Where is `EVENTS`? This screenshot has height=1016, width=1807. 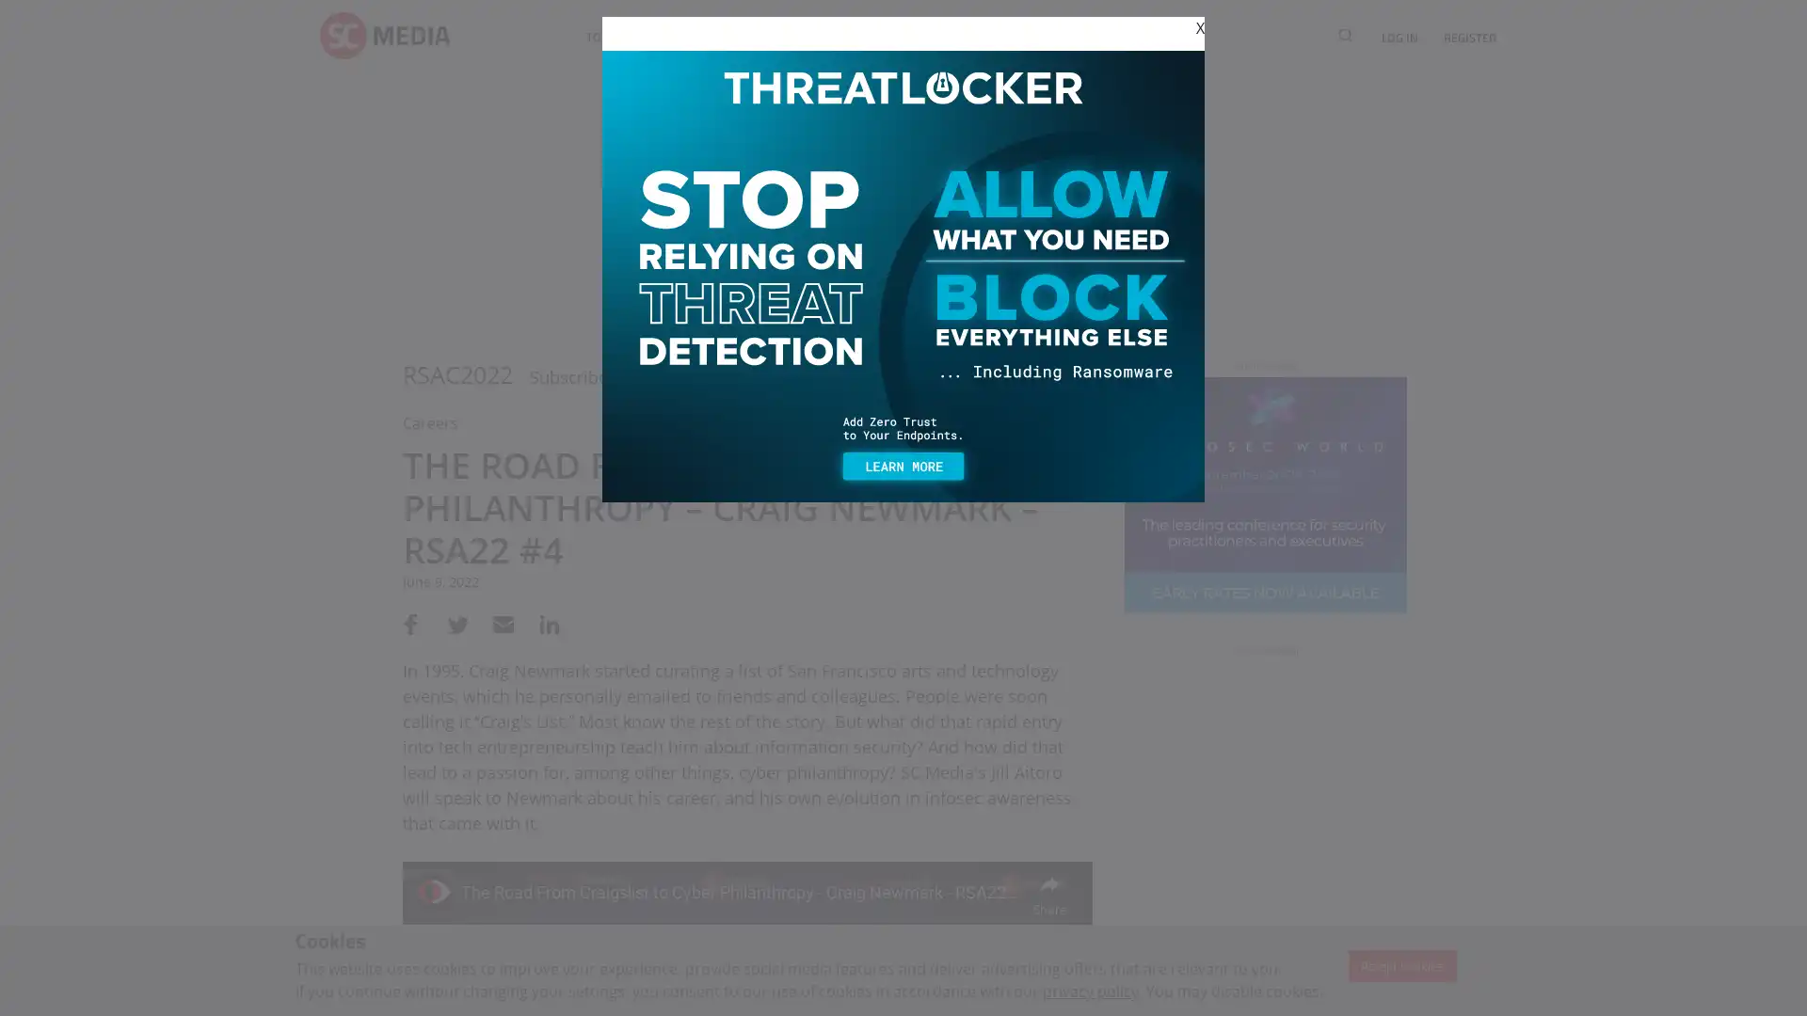 EVENTS is located at coordinates (766, 37).